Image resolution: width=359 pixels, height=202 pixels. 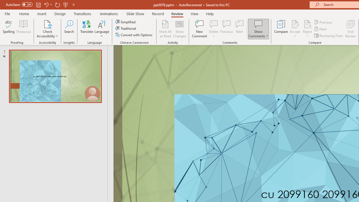 I want to click on 'Show Changes', so click(x=179, y=29).